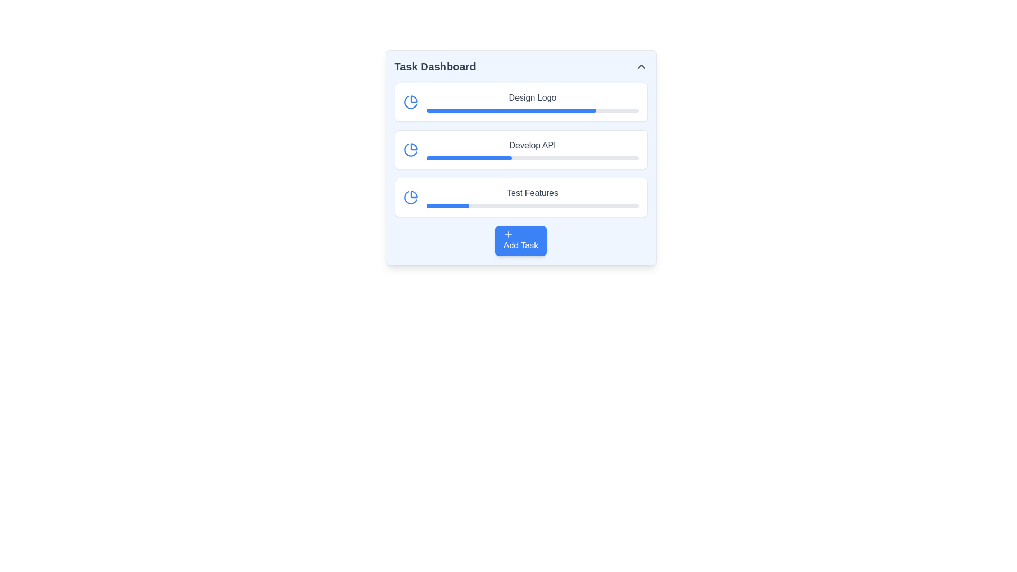 The width and height of the screenshot is (1017, 572). I want to click on the horizontal progress bar located below the text 'Design Logo', which has a gray background and a blue filled portion indicating progress, so click(532, 110).